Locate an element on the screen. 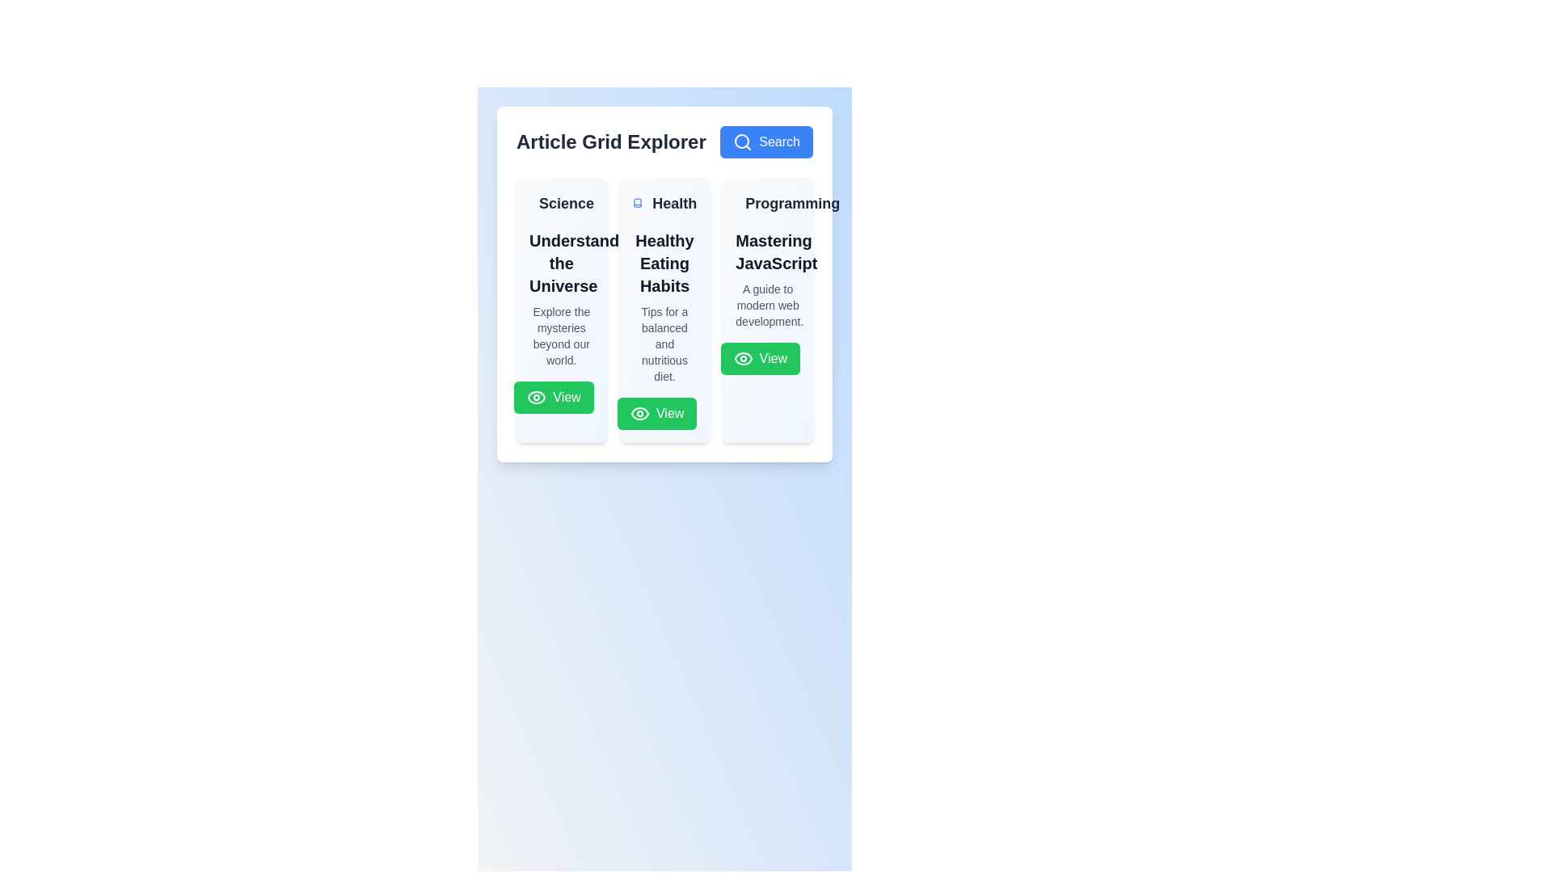 The height and width of the screenshot is (873, 1552). the search button by clicking on the center of the magnifying glass icon located in the top-right corner of the interface is located at coordinates (741, 140).